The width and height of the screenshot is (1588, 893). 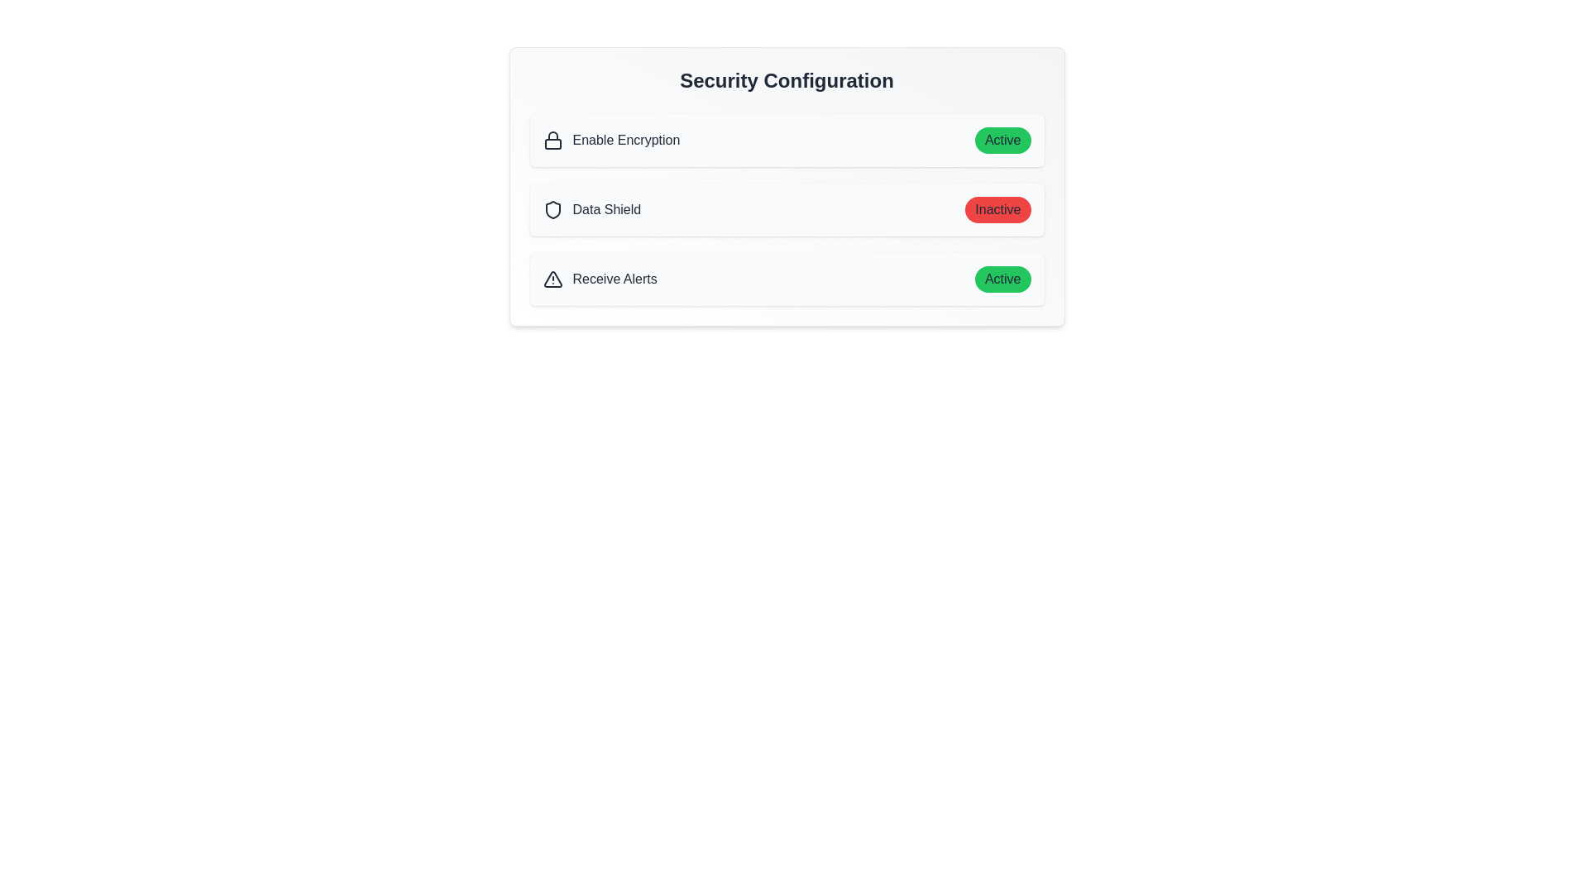 What do you see at coordinates (552, 209) in the screenshot?
I see `the dark-colored shield-shaped icon located to the left of the 'Data Shield' label in the 'Security Configuration' module, which is part of the graphical markers for the list items` at bounding box center [552, 209].